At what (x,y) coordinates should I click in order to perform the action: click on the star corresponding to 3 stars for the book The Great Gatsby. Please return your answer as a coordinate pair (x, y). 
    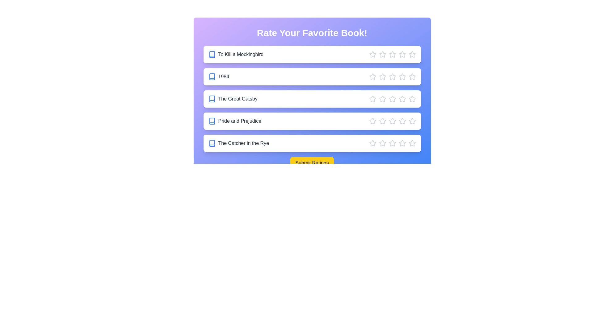
    Looking at the image, I should click on (392, 98).